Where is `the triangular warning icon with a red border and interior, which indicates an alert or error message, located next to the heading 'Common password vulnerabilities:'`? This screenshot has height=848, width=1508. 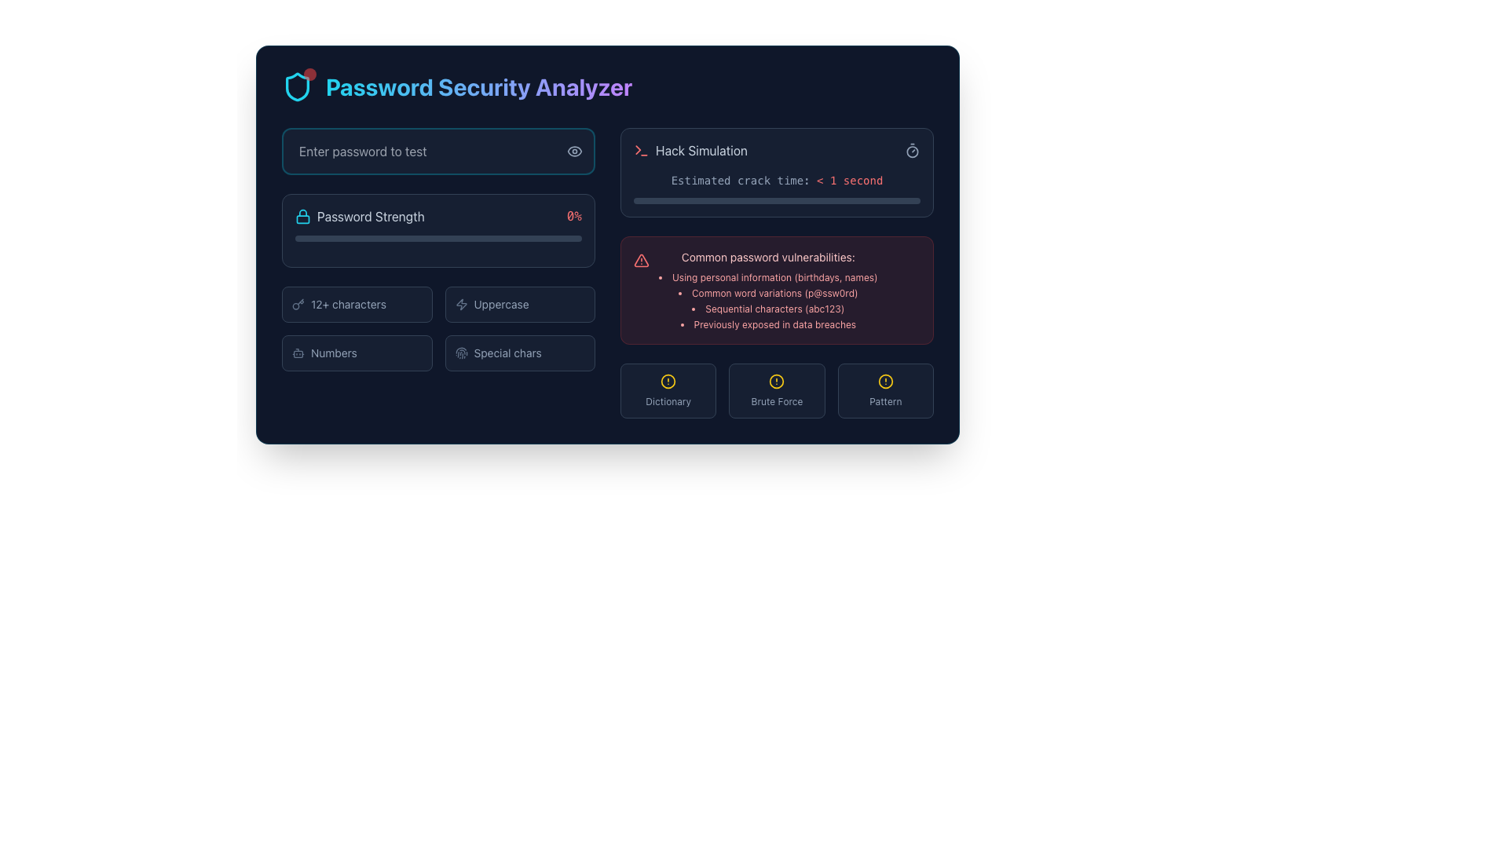
the triangular warning icon with a red border and interior, which indicates an alert or error message, located next to the heading 'Common password vulnerabilities:' is located at coordinates (641, 259).